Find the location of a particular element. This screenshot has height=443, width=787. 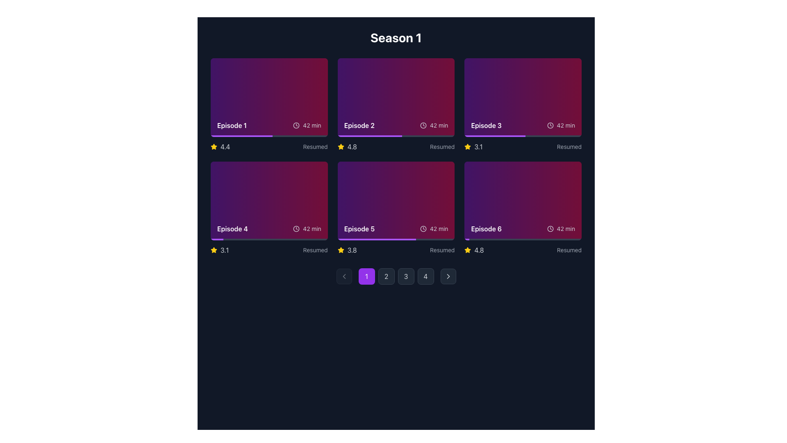

the rating label for Episode 5, located in the bottom section of the Episode 5 card, to the right of the yellow star icon is located at coordinates (352, 249).